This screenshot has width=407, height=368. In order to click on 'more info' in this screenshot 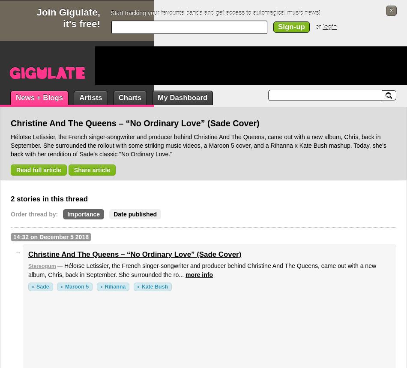, I will do `click(199, 275)`.